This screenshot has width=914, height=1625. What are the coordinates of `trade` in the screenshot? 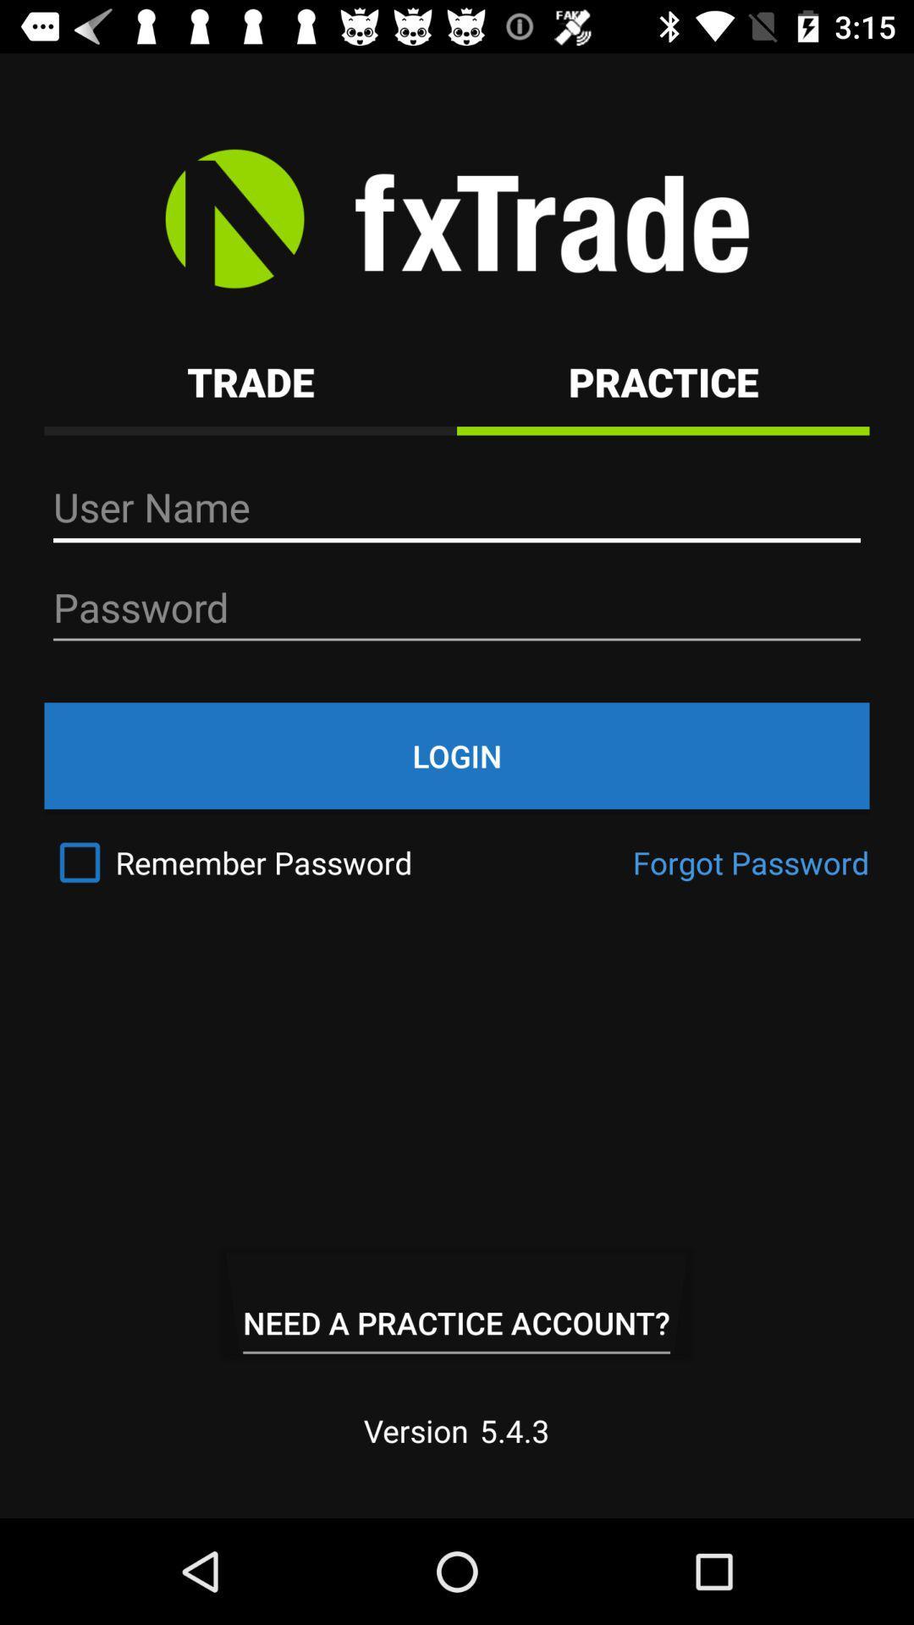 It's located at (251, 381).